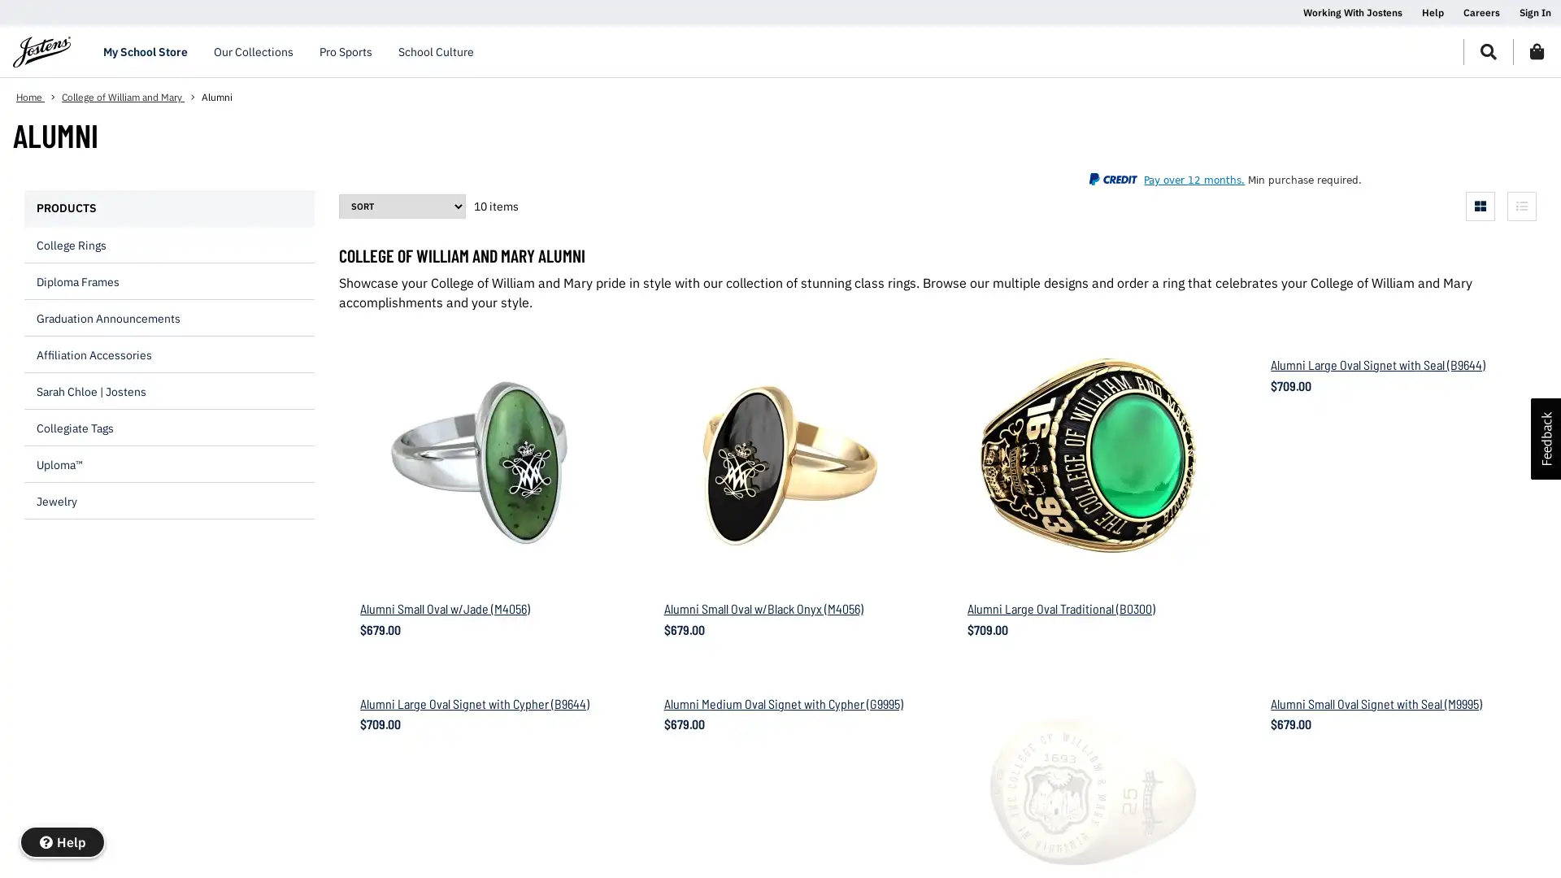 This screenshot has width=1561, height=878. Describe the element at coordinates (62, 841) in the screenshot. I see `Help` at that location.